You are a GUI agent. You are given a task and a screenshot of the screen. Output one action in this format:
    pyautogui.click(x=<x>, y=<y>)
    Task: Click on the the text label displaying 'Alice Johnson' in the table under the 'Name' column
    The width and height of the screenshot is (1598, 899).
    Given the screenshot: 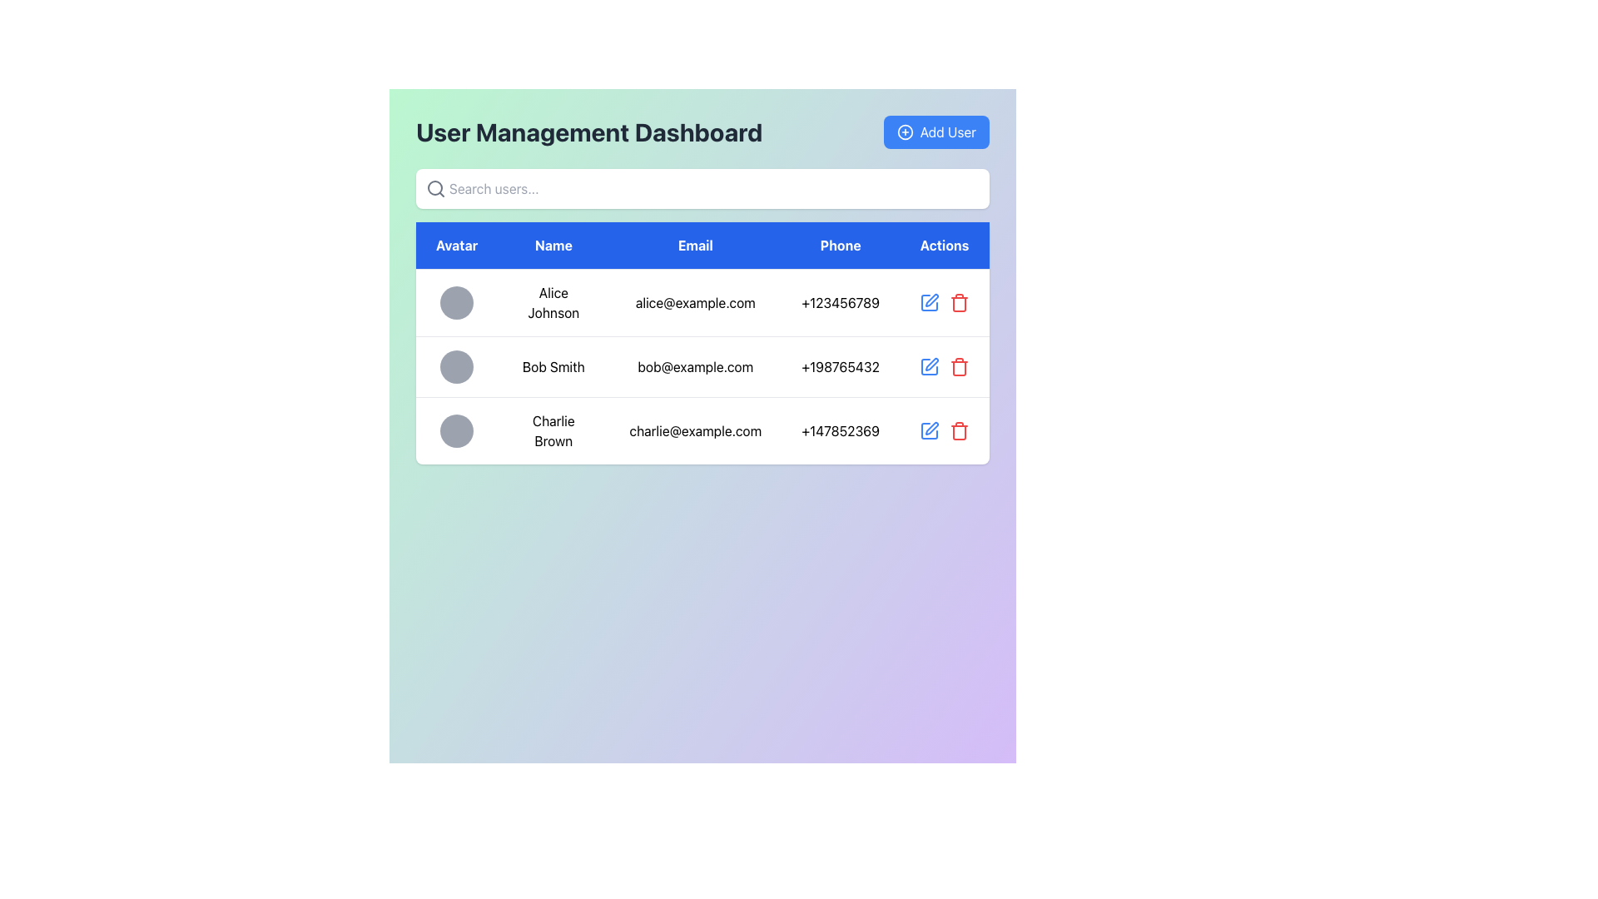 What is the action you would take?
    pyautogui.click(x=553, y=302)
    